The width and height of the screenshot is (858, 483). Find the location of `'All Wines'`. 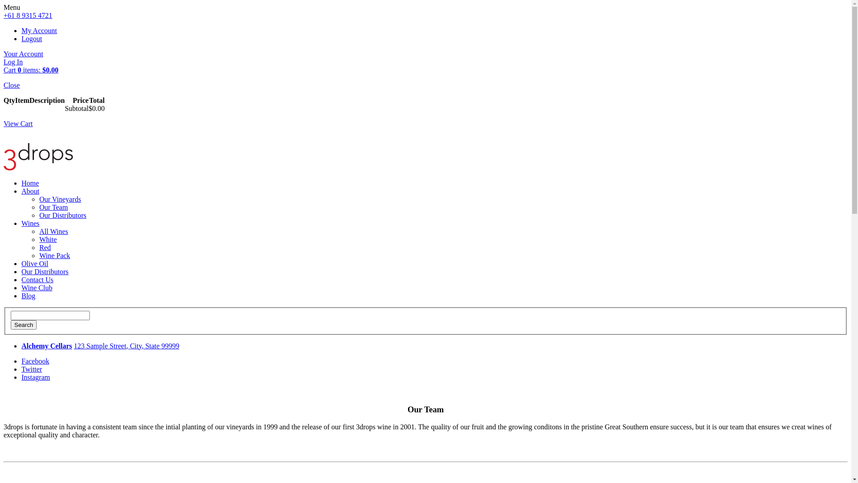

'All Wines' is located at coordinates (53, 231).